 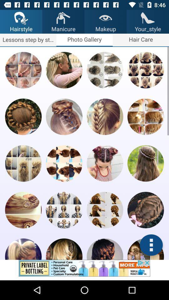 I want to click on picture option, so click(x=146, y=116).